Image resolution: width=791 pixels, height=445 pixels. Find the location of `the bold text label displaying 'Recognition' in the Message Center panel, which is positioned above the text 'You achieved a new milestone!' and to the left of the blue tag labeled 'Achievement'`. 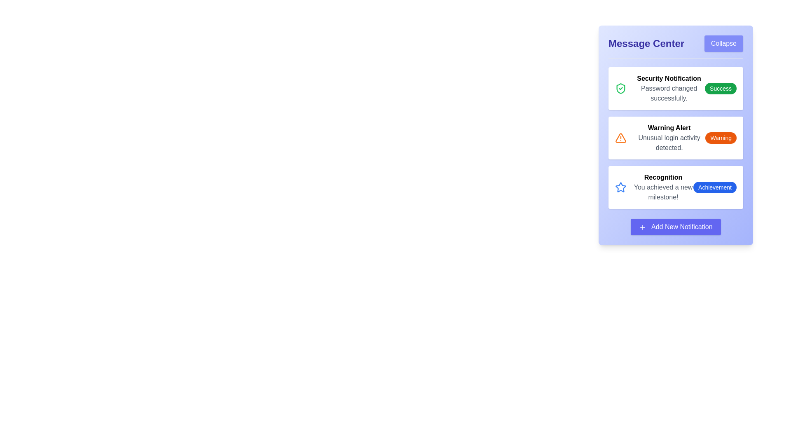

the bold text label displaying 'Recognition' in the Message Center panel, which is positioned above the text 'You achieved a new milestone!' and to the left of the blue tag labeled 'Achievement' is located at coordinates (663, 177).